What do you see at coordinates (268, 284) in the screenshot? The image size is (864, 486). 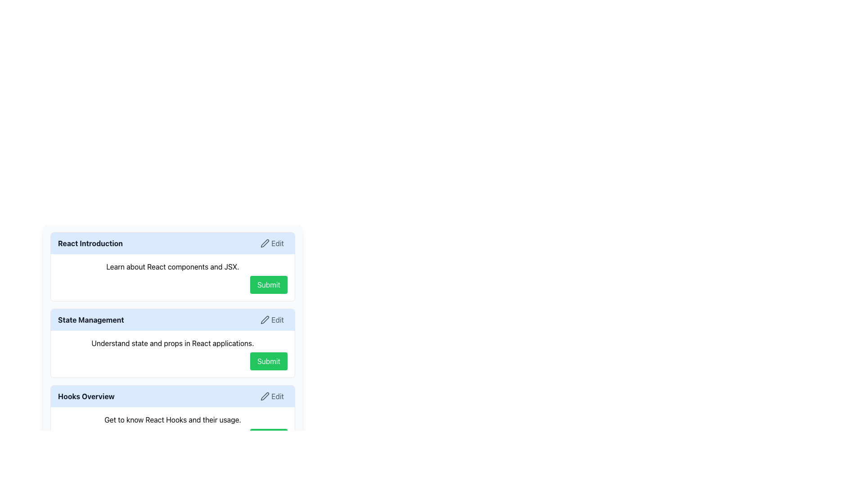 I see `the submission button located at the right edge of the 'React Introduction' section` at bounding box center [268, 284].